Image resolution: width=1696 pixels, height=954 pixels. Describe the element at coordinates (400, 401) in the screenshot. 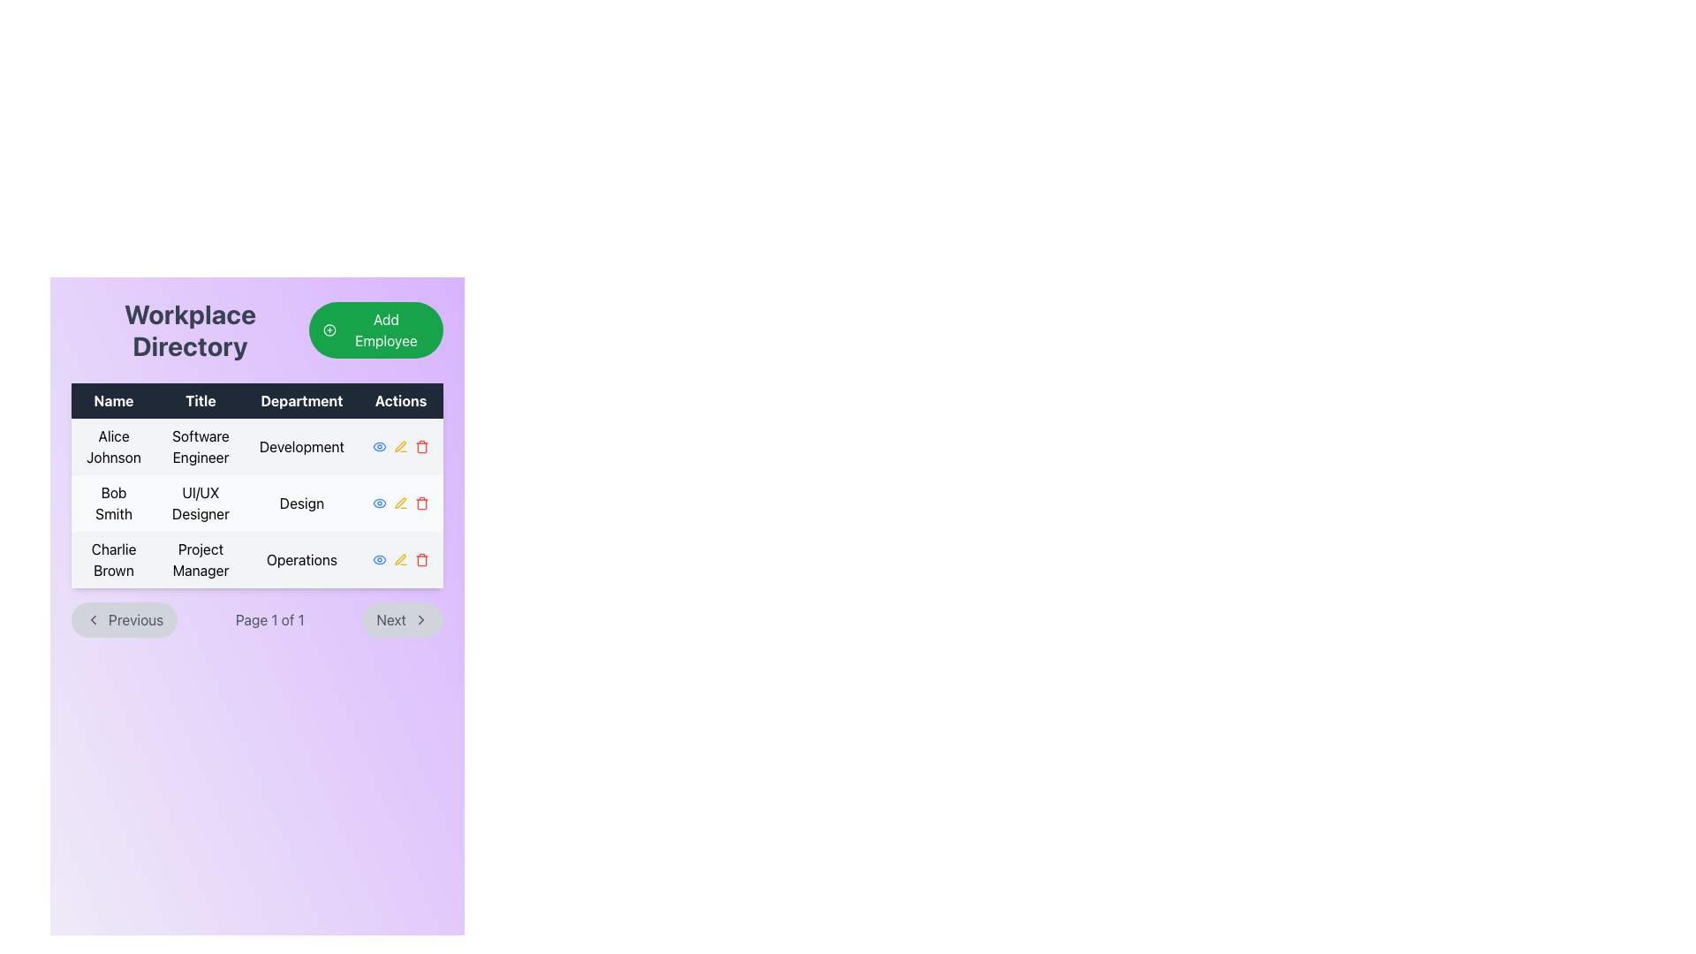

I see `the text label displaying 'Actions' in a bold white font, located in a black rectangular box at the rightmost column of the table header` at that location.